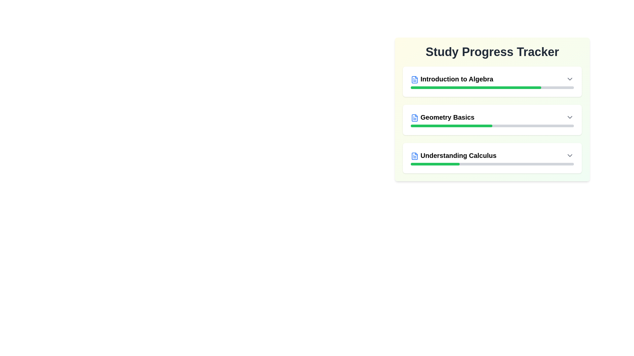 The image size is (634, 356). What do you see at coordinates (414, 156) in the screenshot?
I see `the blue document icon located to the left of the text 'Understanding Calculus', which is the first element in that row` at bounding box center [414, 156].